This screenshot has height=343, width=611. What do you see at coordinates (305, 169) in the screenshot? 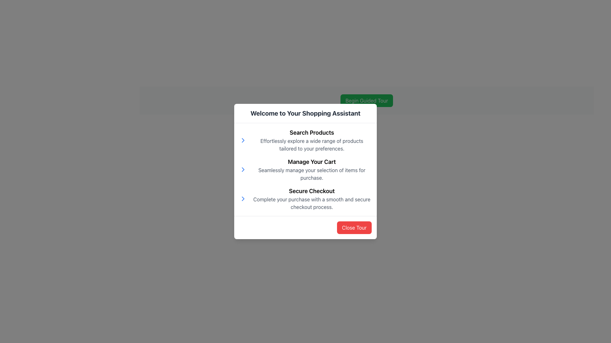
I see `the informational section containing the items 'Search Products,' 'Manage Your Cart,' and 'Secure Checkout,' located below the title 'Welcome to Your Shopping Assistant.'` at bounding box center [305, 169].